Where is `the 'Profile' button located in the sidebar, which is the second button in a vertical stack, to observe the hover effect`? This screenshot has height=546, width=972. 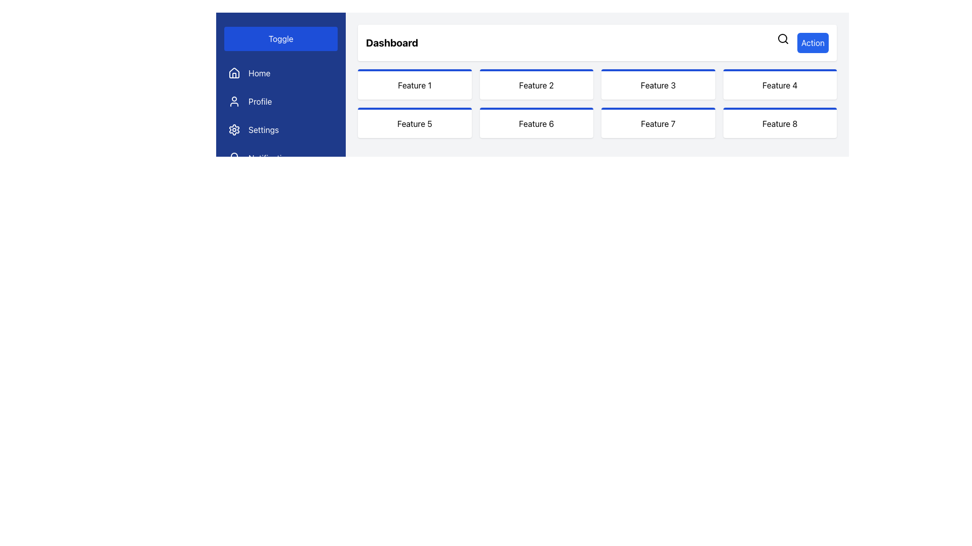
the 'Profile' button located in the sidebar, which is the second button in a vertical stack, to observe the hover effect is located at coordinates (281, 101).